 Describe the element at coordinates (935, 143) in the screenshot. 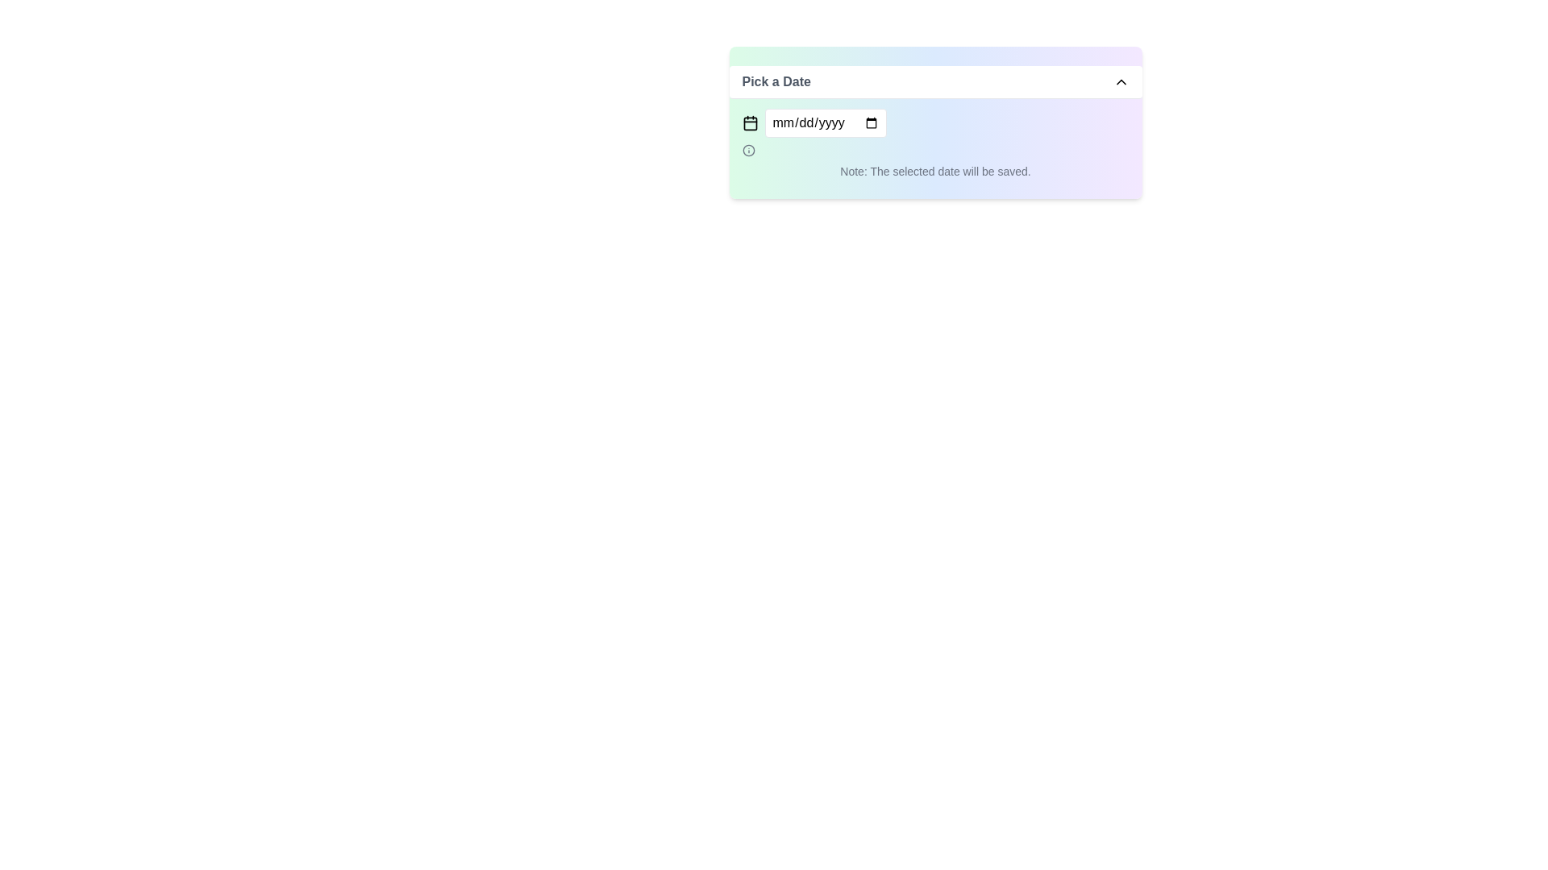

I see `the date picker field in the Informational Section with Embedded Input` at that location.